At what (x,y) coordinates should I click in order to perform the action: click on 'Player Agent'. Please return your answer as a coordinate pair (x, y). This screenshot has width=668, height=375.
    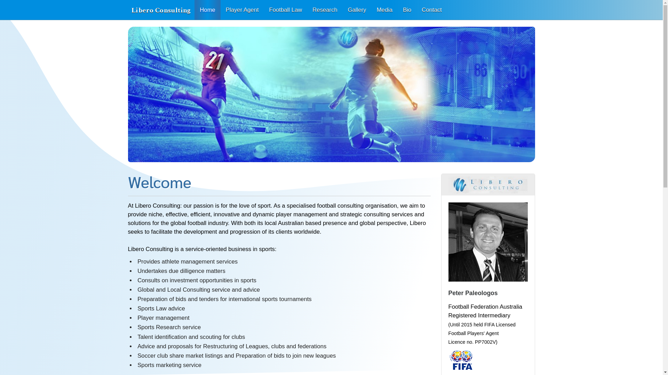
    Looking at the image, I should click on (220, 10).